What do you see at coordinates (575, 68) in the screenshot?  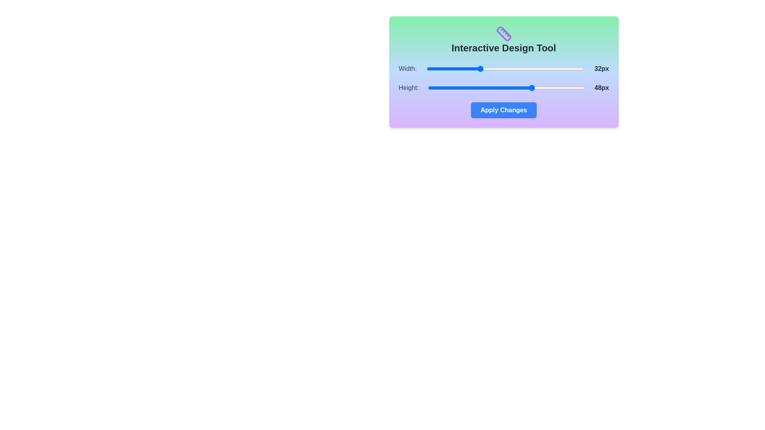 I see `the 'Width' slider to set its value to 61 within the range of 16 to 64` at bounding box center [575, 68].